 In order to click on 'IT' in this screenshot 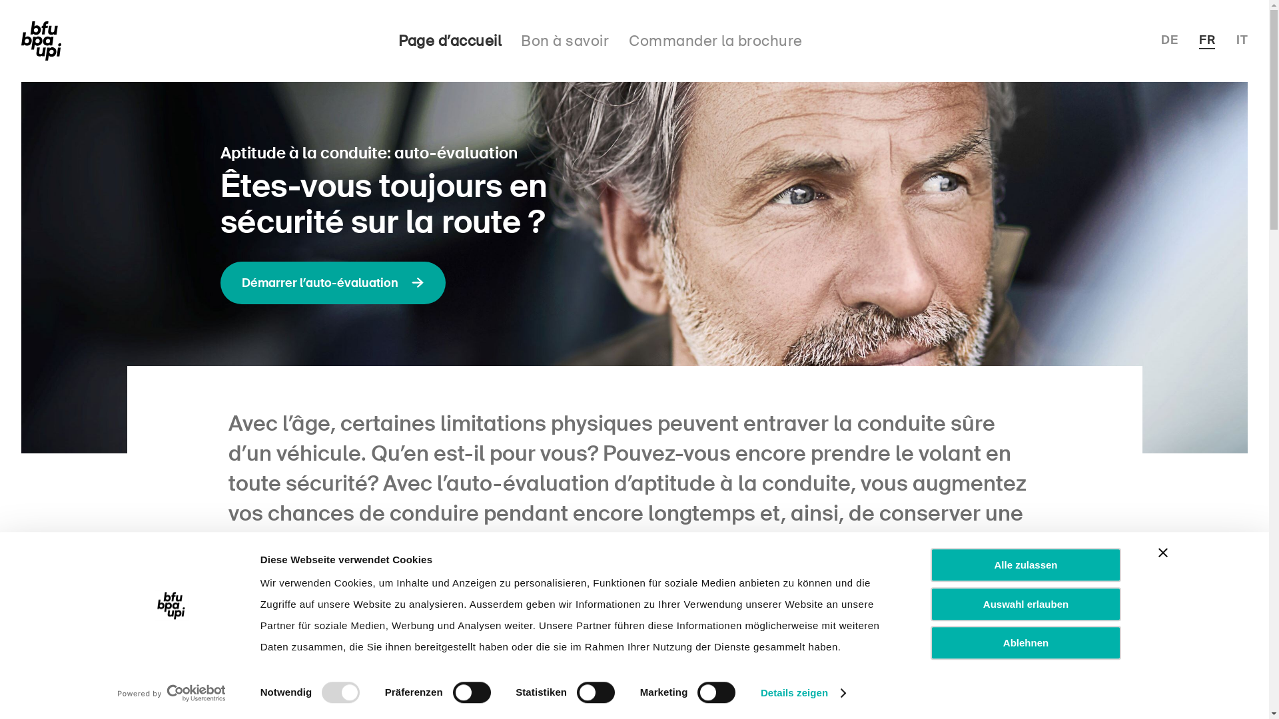, I will do `click(1236, 39)`.